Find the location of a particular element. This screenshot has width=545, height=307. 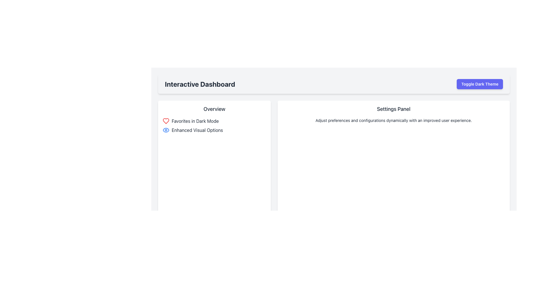

the 'Enhanced Visual Options' icon located in the left column under the 'Overview' section is located at coordinates (166, 130).